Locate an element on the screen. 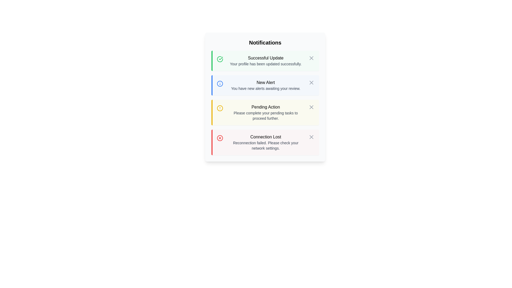 The height and width of the screenshot is (288, 512). the informational icon in the second notification row of the notification card is located at coordinates (220, 83).